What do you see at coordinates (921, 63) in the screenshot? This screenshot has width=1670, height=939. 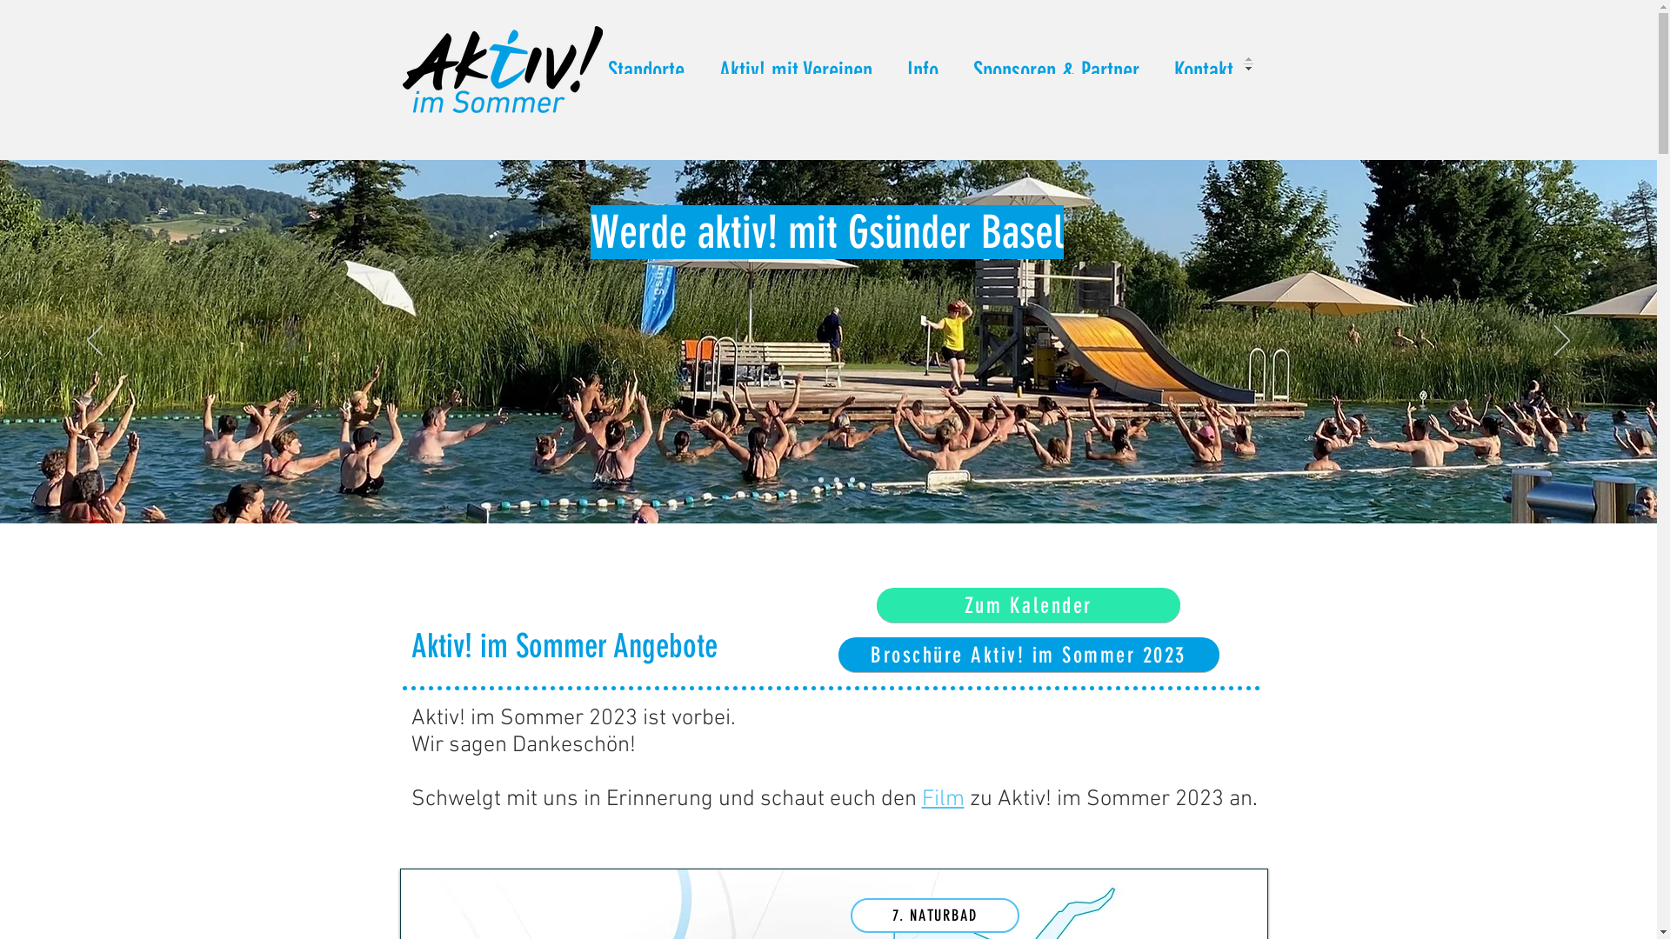 I see `'Info'` at bounding box center [921, 63].